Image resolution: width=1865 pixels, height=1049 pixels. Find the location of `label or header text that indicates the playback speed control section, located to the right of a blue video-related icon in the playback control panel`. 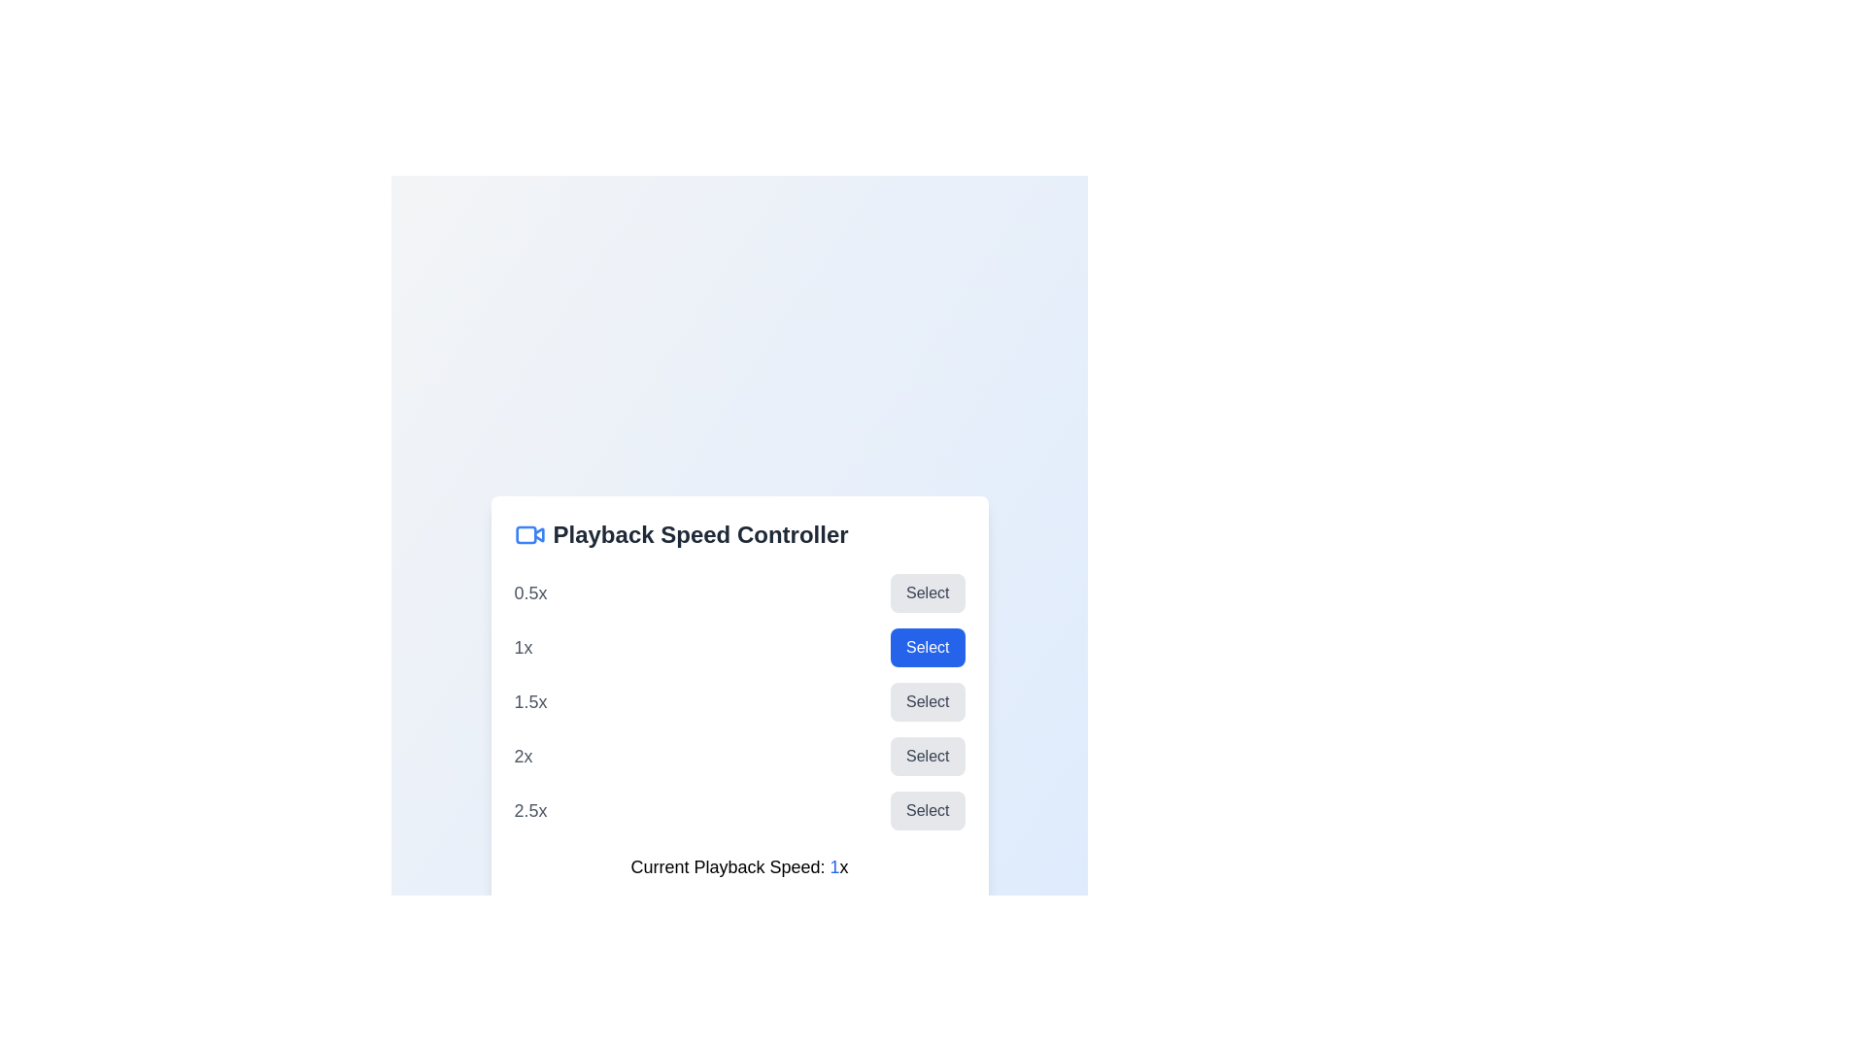

label or header text that indicates the playback speed control section, located to the right of a blue video-related icon in the playback control panel is located at coordinates (699, 535).